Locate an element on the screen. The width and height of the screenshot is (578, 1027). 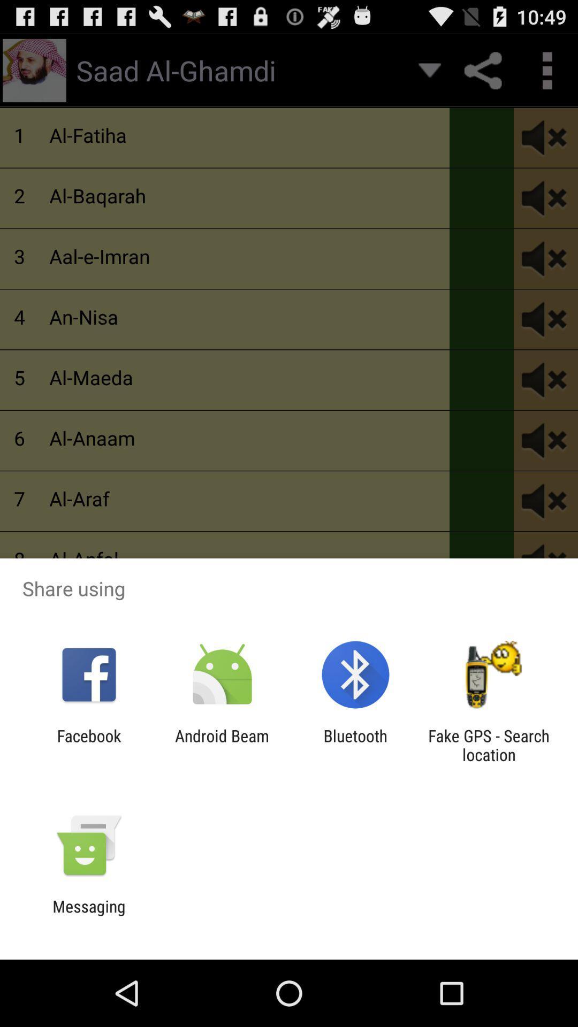
the item next to the fake gps search is located at coordinates (355, 745).